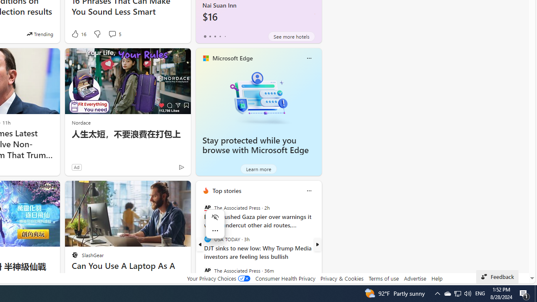 This screenshot has height=302, width=537. What do you see at coordinates (199, 245) in the screenshot?
I see `'previous'` at bounding box center [199, 245].